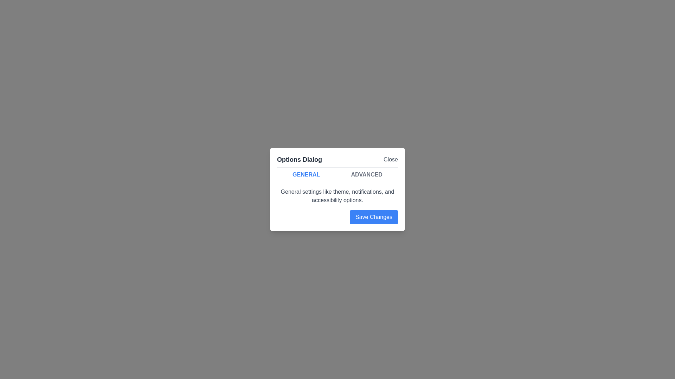 This screenshot has height=379, width=675. Describe the element at coordinates (373, 217) in the screenshot. I see `the 'Save Changes' button to save the settings` at that location.